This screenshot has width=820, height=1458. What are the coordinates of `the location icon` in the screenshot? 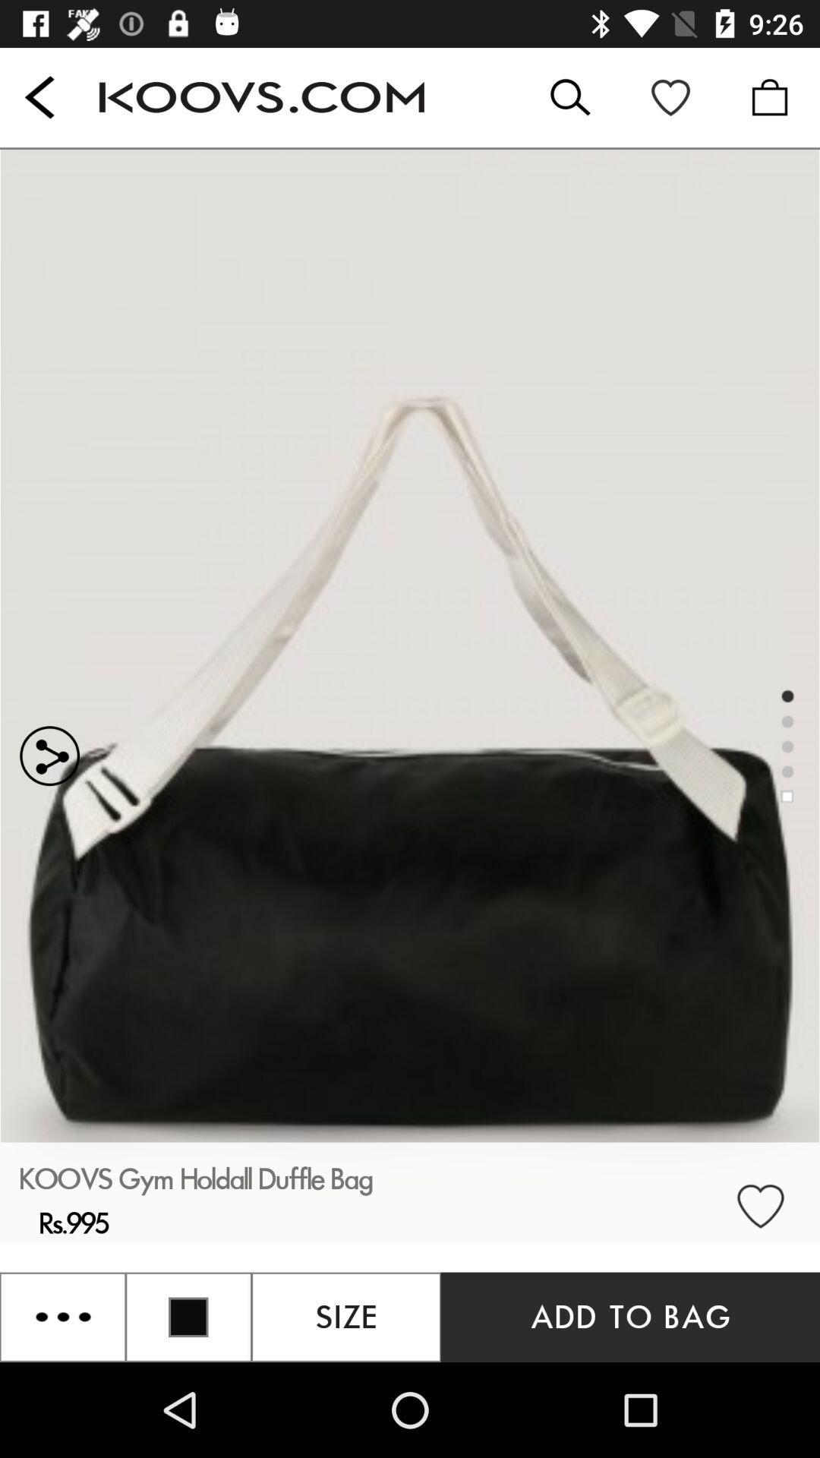 It's located at (188, 1316).